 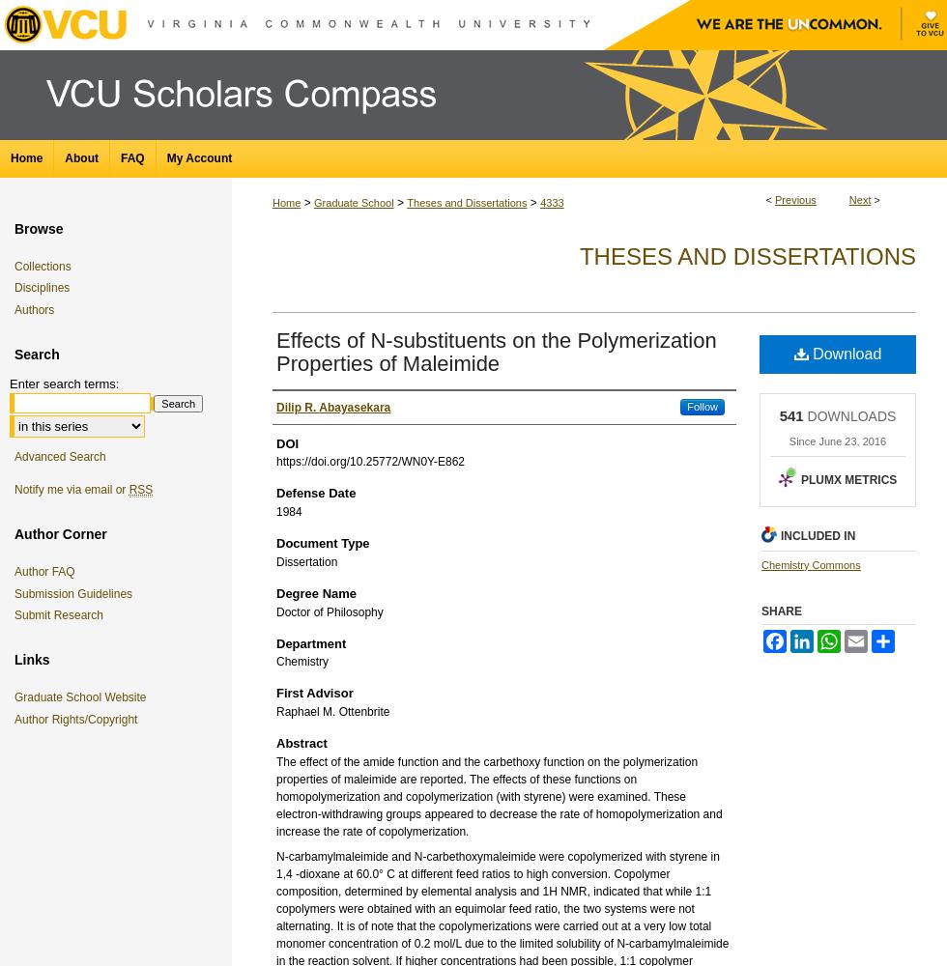 What do you see at coordinates (37, 354) in the screenshot?
I see `'Search'` at bounding box center [37, 354].